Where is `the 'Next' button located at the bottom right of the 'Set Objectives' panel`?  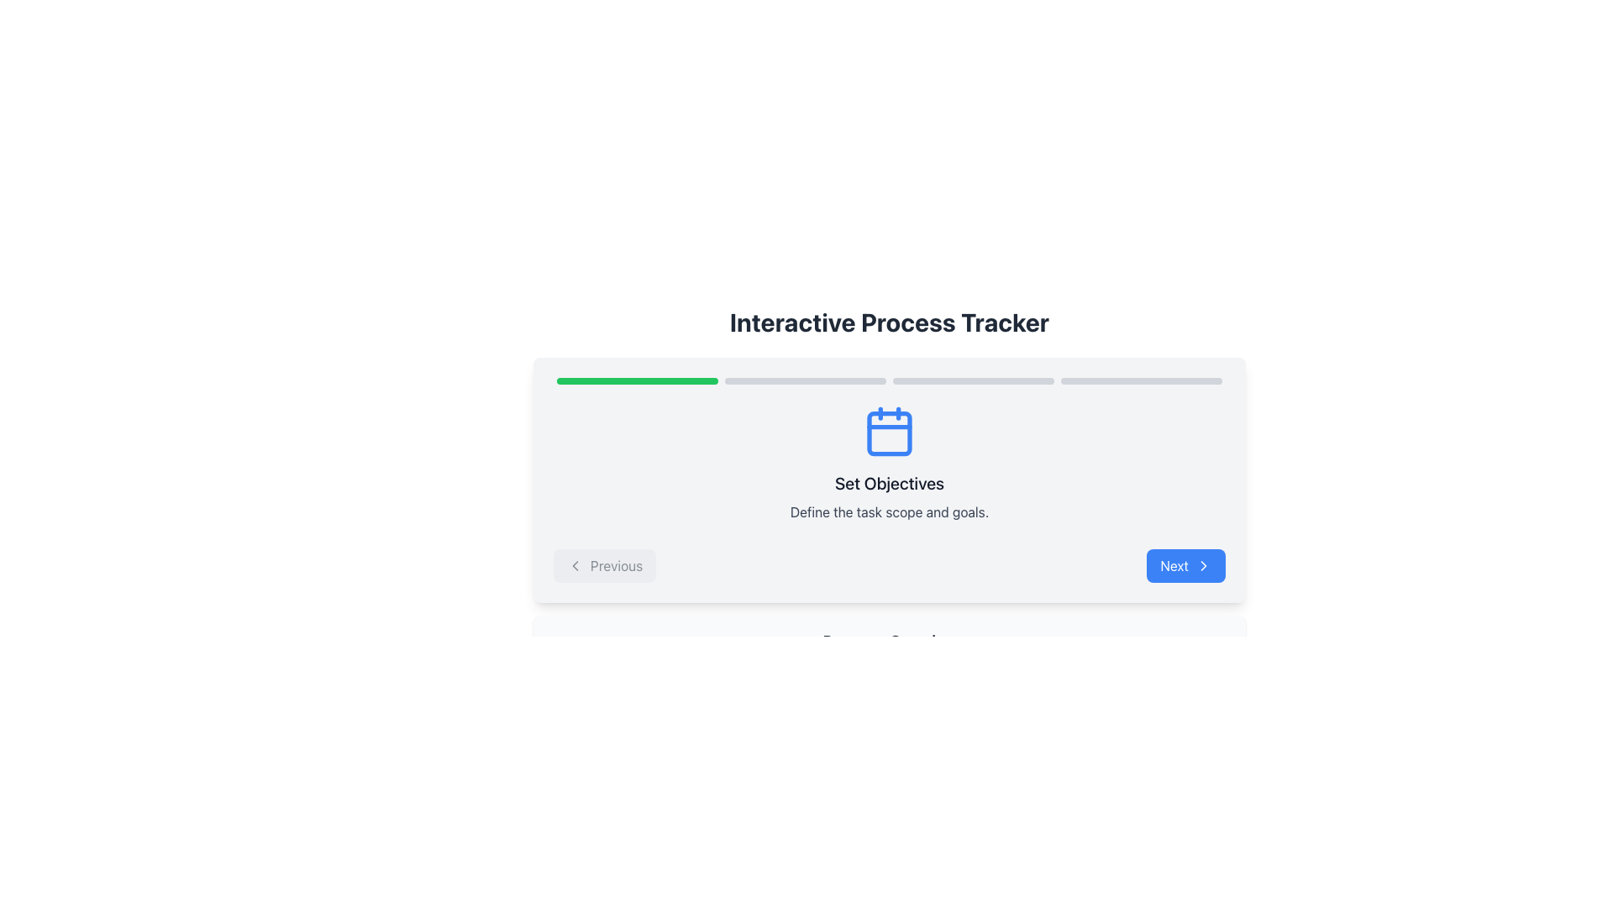 the 'Next' button located at the bottom right of the 'Set Objectives' panel is located at coordinates (1203, 566).